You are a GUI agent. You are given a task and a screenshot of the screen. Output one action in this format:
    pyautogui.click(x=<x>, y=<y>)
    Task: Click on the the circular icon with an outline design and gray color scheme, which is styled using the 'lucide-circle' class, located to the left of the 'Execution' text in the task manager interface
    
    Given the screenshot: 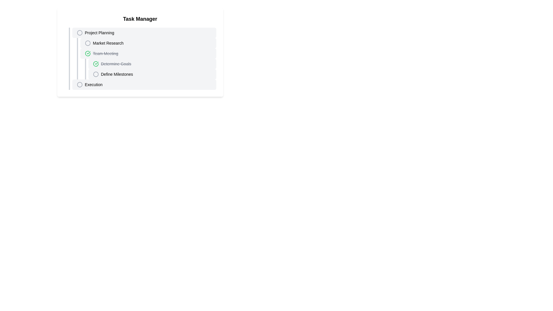 What is the action you would take?
    pyautogui.click(x=79, y=84)
    